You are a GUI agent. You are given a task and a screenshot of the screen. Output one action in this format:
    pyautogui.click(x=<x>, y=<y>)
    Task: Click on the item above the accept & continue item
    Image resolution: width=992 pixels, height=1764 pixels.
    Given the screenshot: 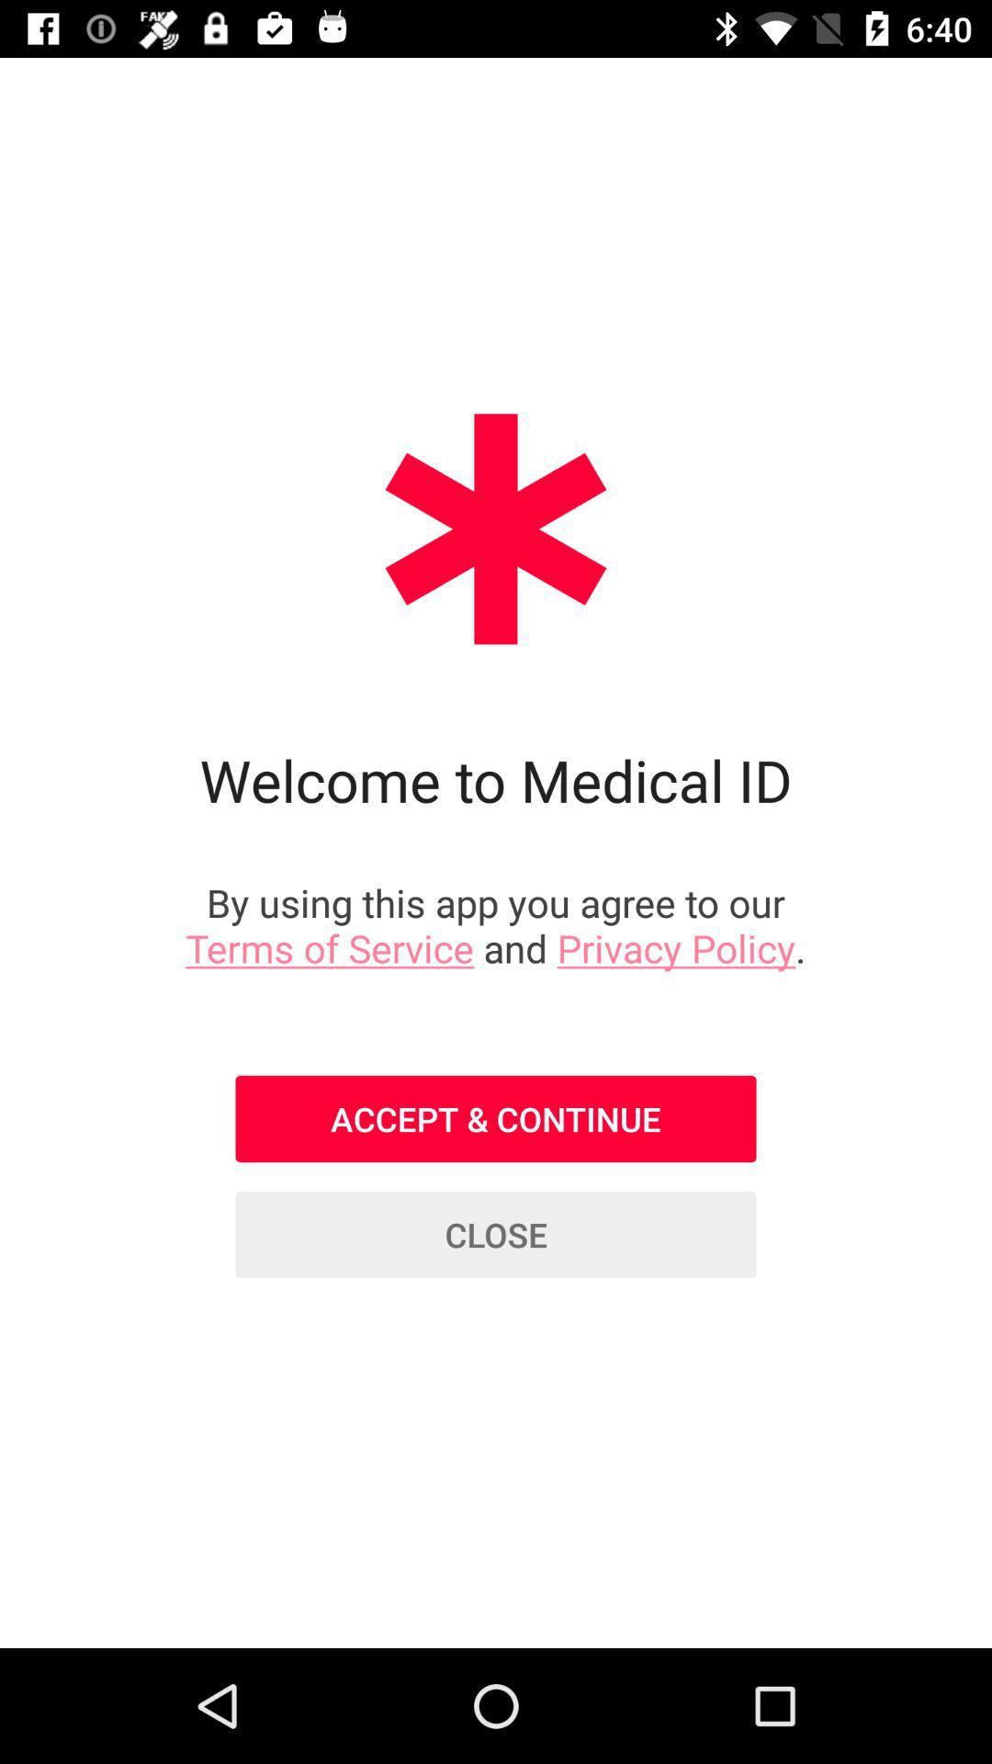 What is the action you would take?
    pyautogui.click(x=496, y=925)
    